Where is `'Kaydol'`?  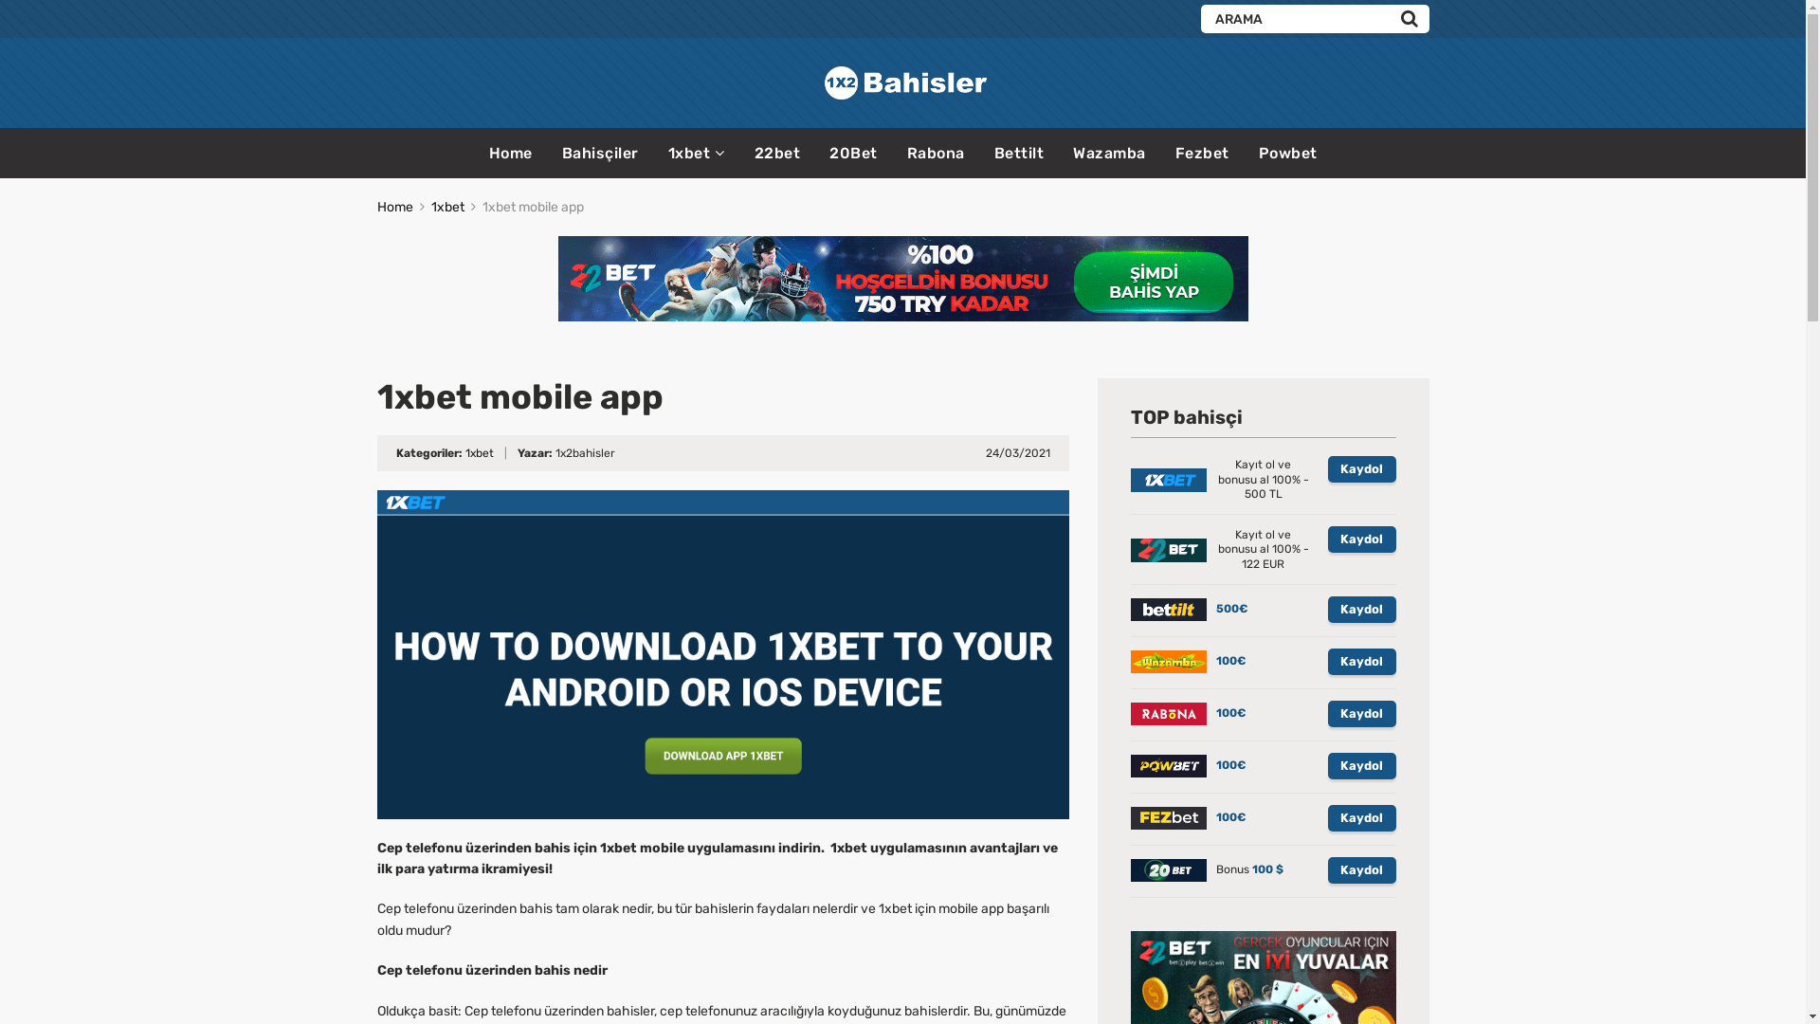 'Kaydol' is located at coordinates (1359, 468).